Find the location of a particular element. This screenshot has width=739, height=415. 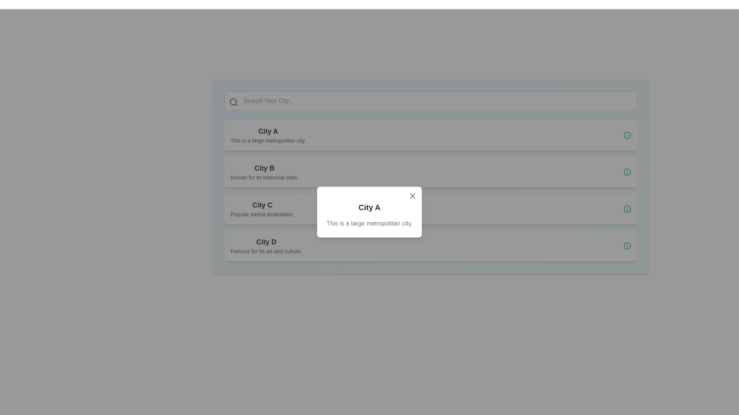

the bold text label reading 'City C' which is the topmost line in the description block for 'City C' in a vertical list interface is located at coordinates (262, 204).